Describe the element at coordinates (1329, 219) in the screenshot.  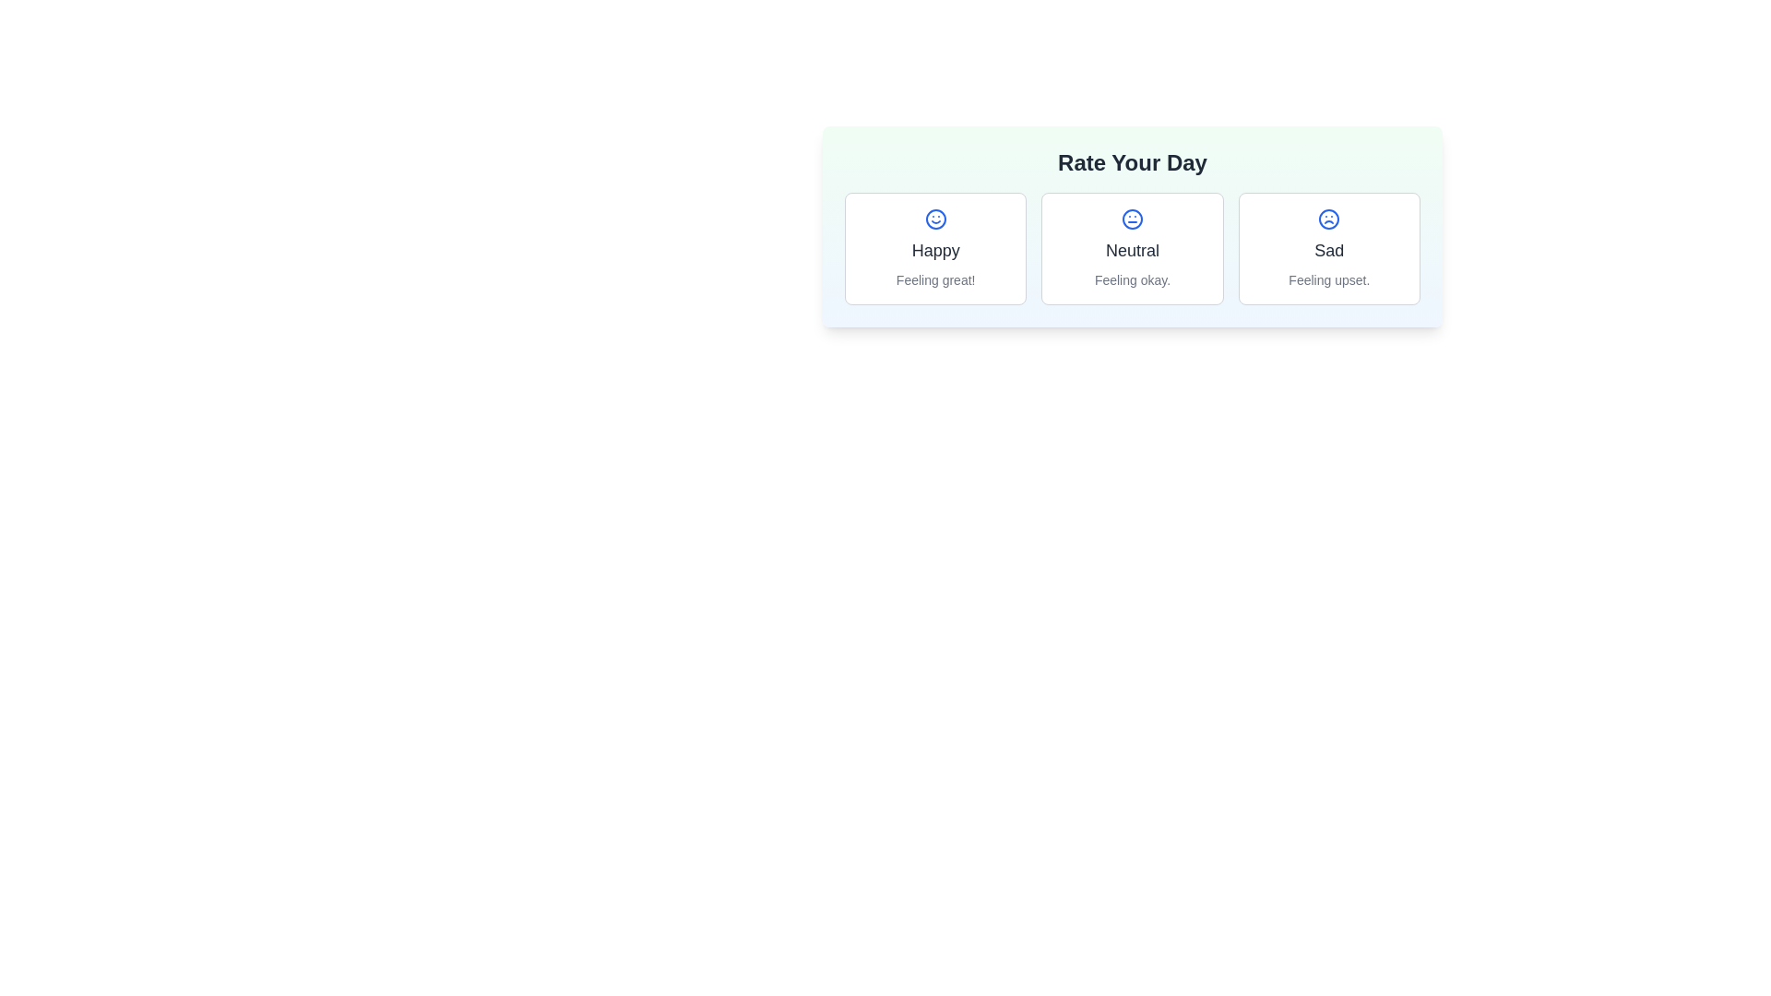
I see `the 'Sad' feeling icon located centrally in the third card of a horizontally aligned triplet group` at that location.